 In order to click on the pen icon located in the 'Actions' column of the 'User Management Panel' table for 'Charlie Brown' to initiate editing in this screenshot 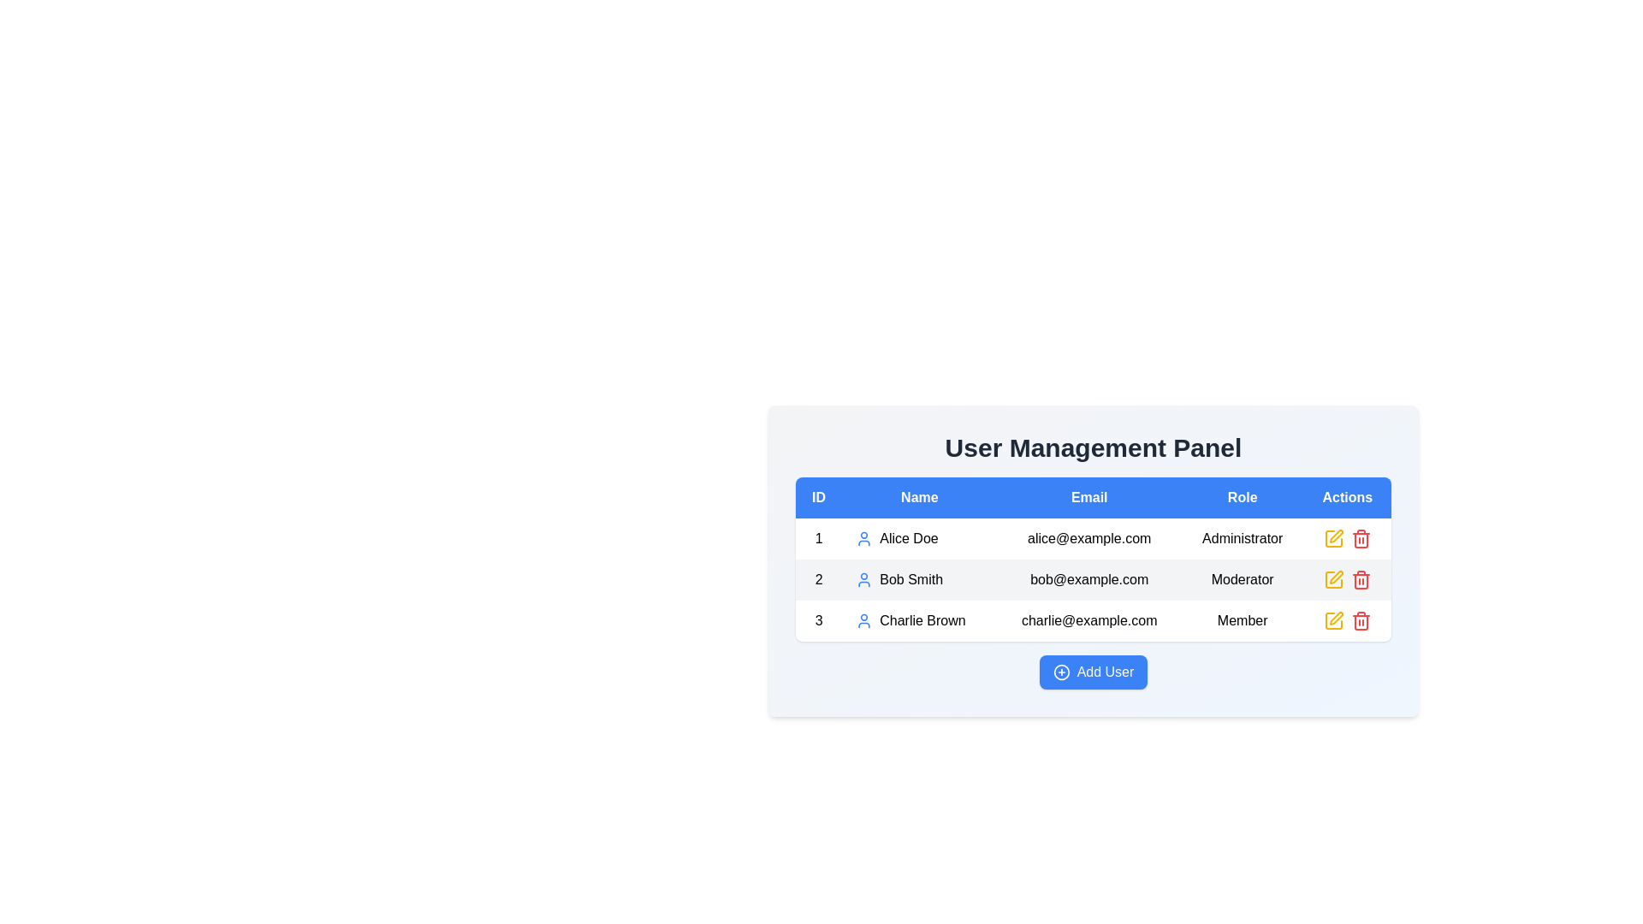, I will do `click(1335, 618)`.